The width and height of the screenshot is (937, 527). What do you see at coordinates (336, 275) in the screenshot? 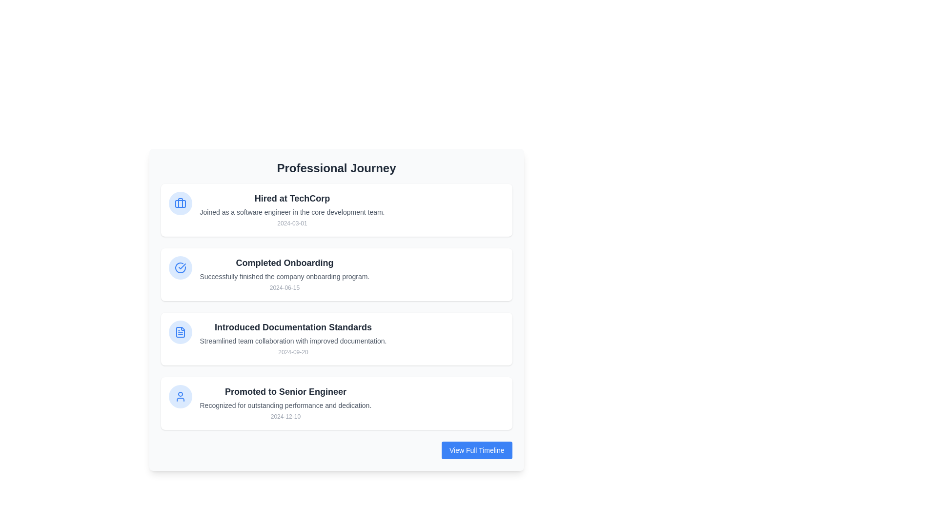
I see `the Information card displaying a milestone in the Professional Journey section, located between 'Hired at TechCorp' and 'Introduced Documentation Standards'` at bounding box center [336, 275].